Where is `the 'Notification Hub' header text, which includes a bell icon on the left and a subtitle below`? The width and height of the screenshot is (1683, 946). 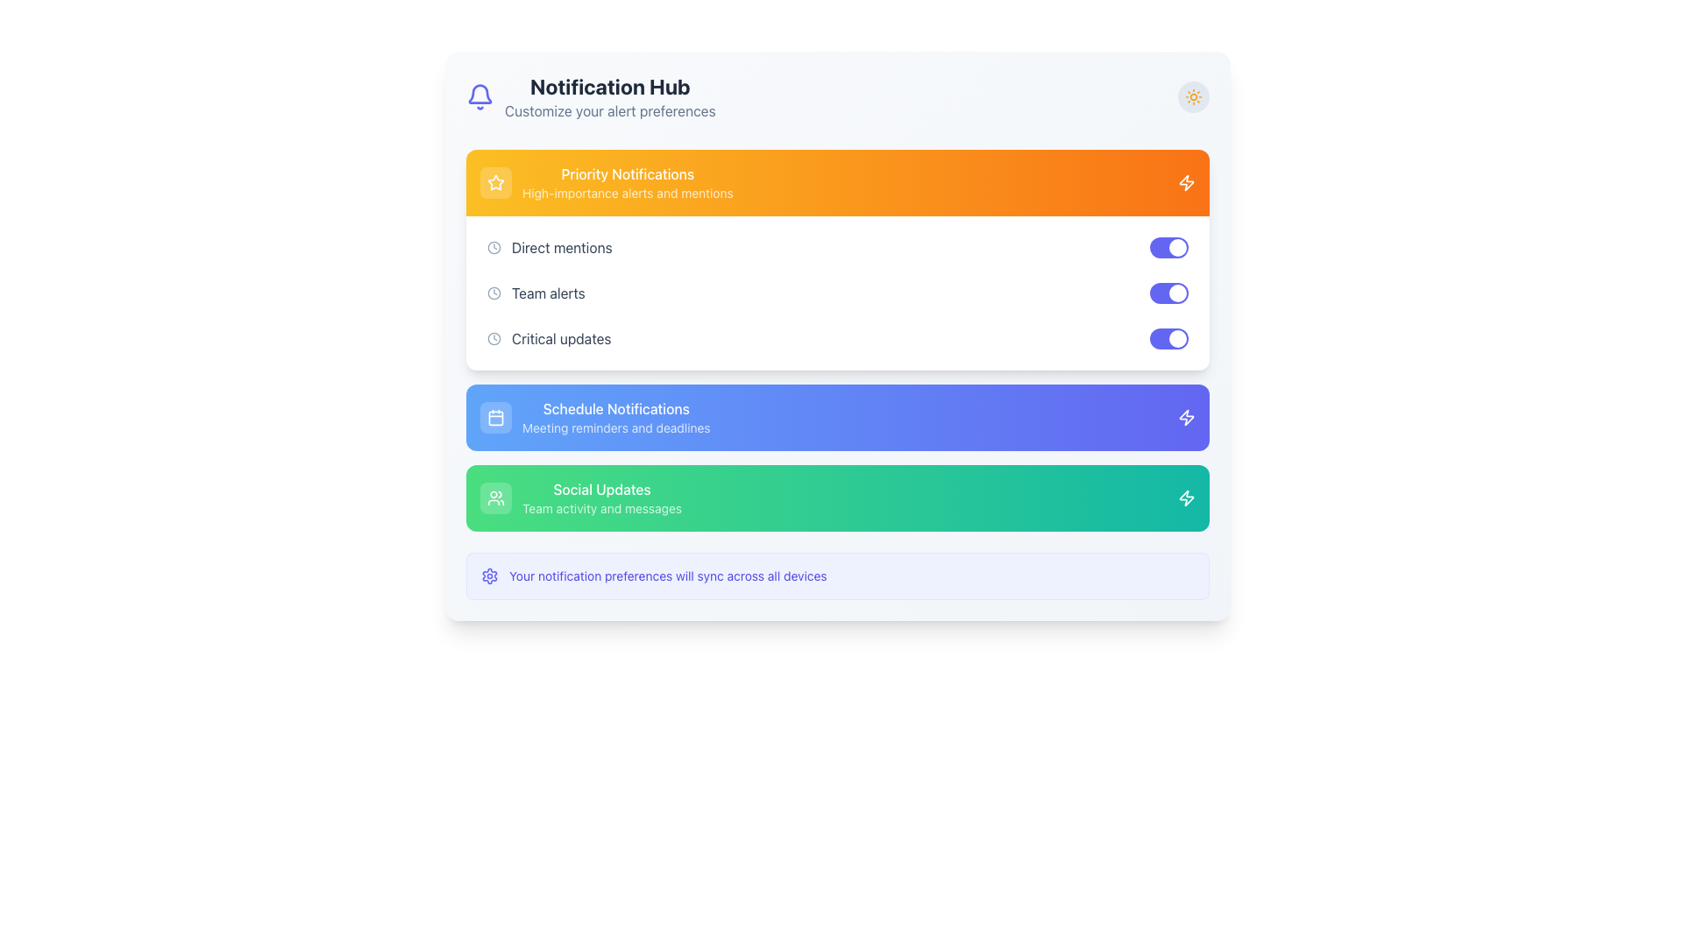
the 'Notification Hub' header text, which includes a bell icon on the left and a subtitle below is located at coordinates (591, 97).